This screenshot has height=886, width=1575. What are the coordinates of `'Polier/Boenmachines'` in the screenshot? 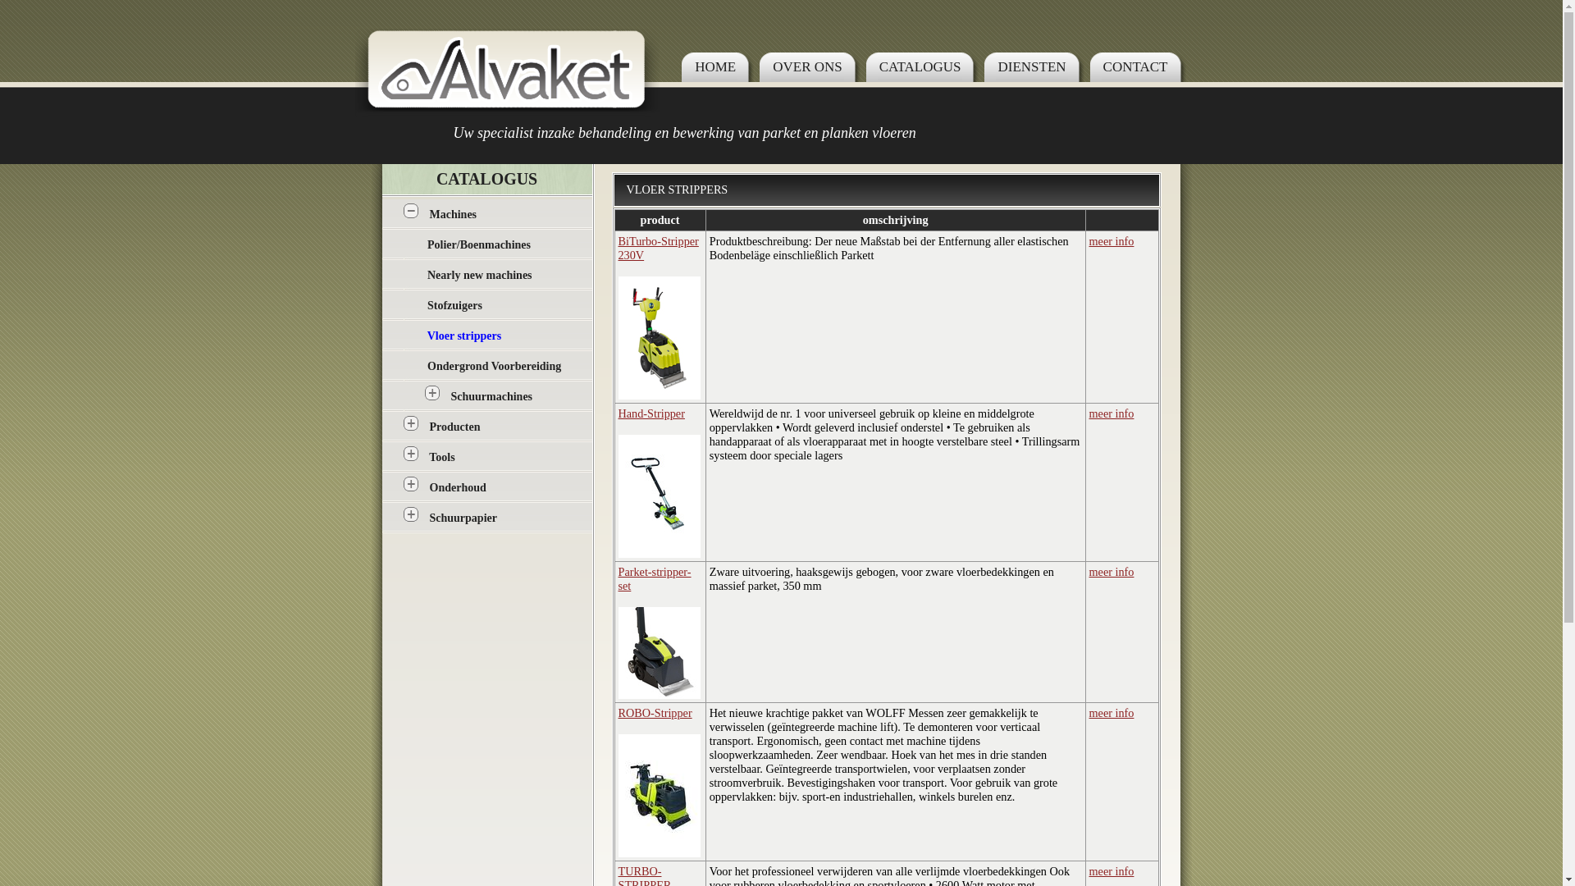 It's located at (478, 244).